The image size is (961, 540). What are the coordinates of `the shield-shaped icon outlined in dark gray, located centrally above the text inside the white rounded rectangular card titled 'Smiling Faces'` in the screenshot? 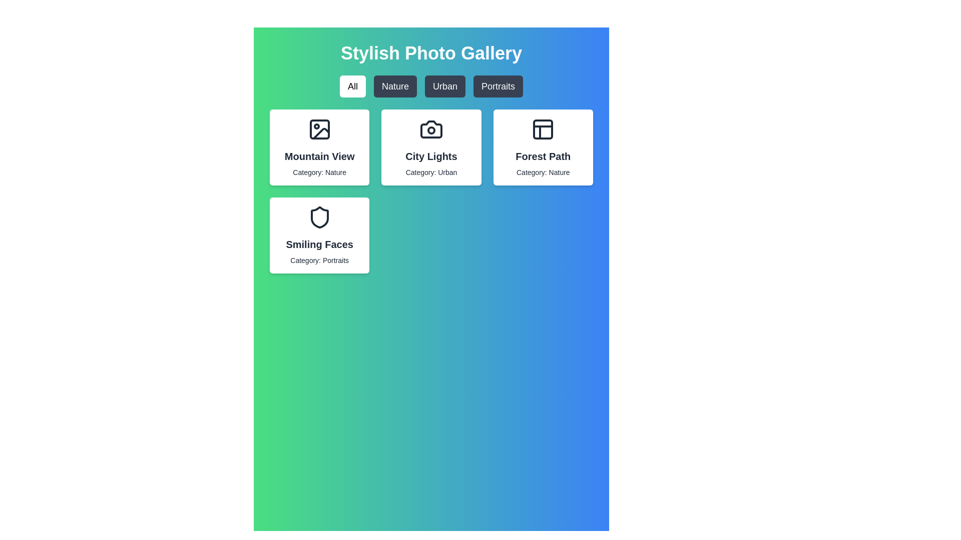 It's located at (319, 217).